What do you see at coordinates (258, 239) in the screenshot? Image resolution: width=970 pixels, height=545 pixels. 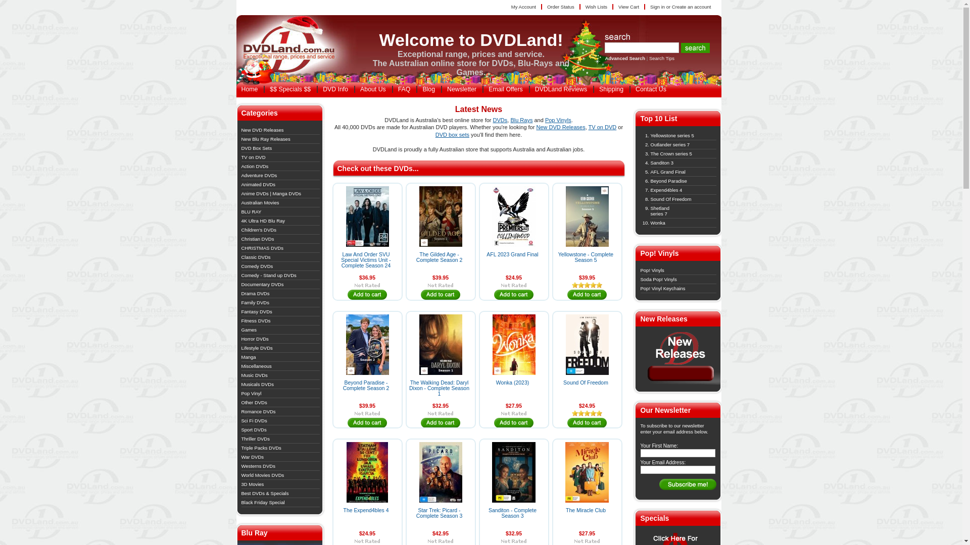 I see `'Christian DVDs'` at bounding box center [258, 239].